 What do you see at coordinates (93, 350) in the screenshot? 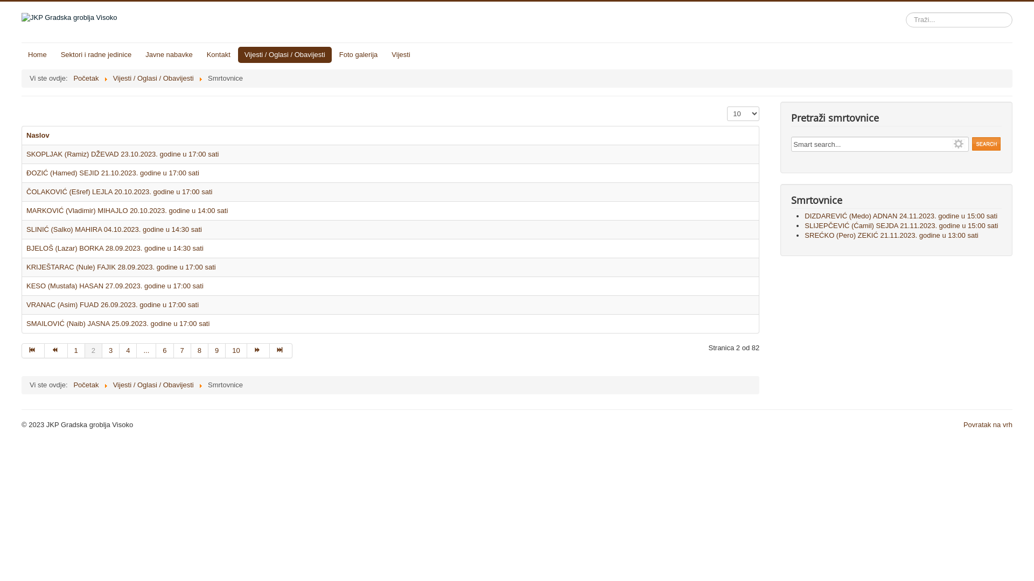
I see `'2'` at bounding box center [93, 350].